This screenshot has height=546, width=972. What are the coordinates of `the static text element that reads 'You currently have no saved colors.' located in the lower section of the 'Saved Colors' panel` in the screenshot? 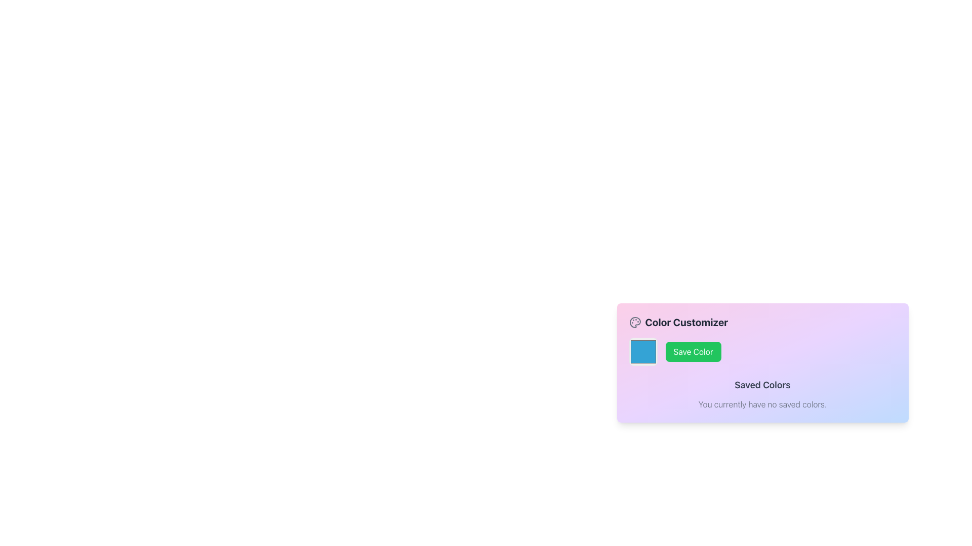 It's located at (762, 403).